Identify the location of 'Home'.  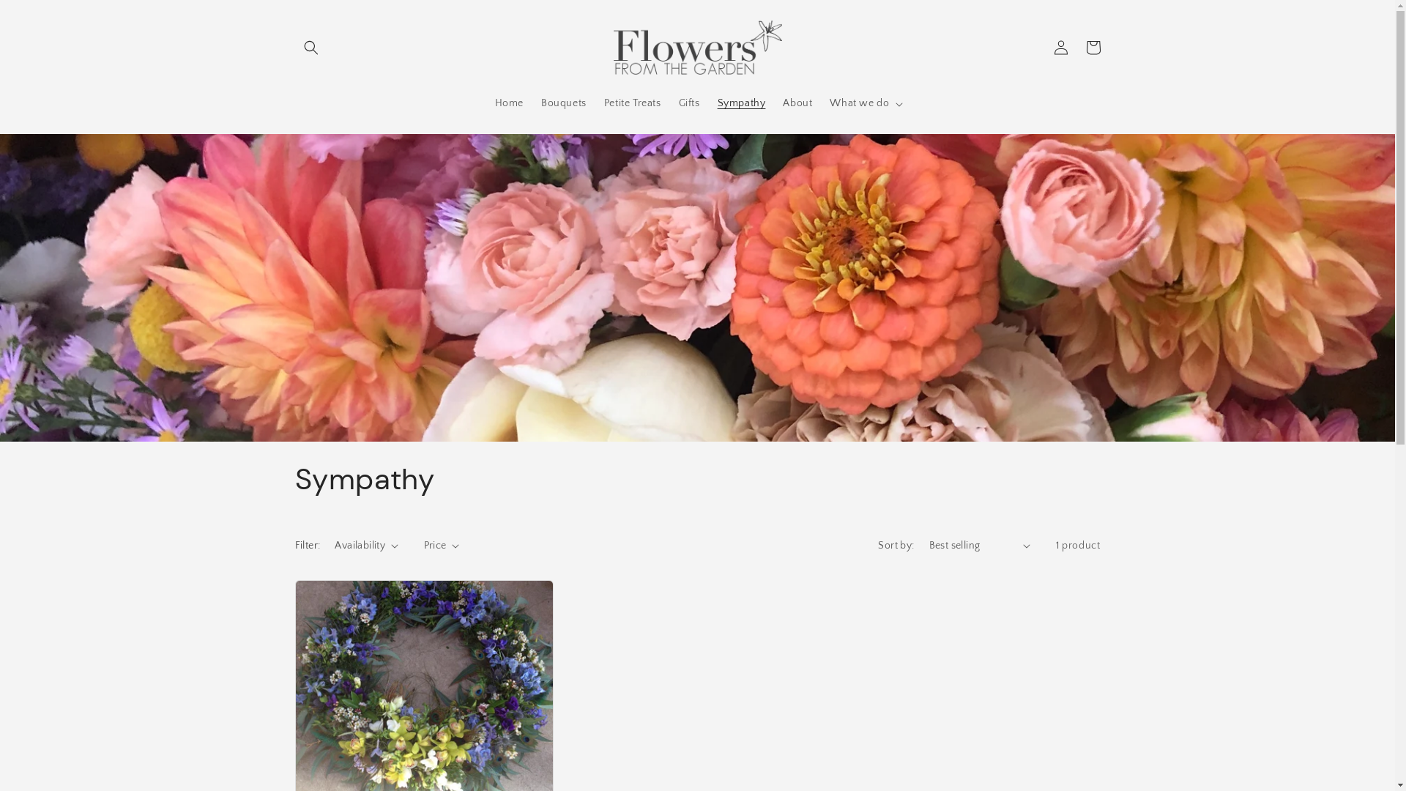
(509, 103).